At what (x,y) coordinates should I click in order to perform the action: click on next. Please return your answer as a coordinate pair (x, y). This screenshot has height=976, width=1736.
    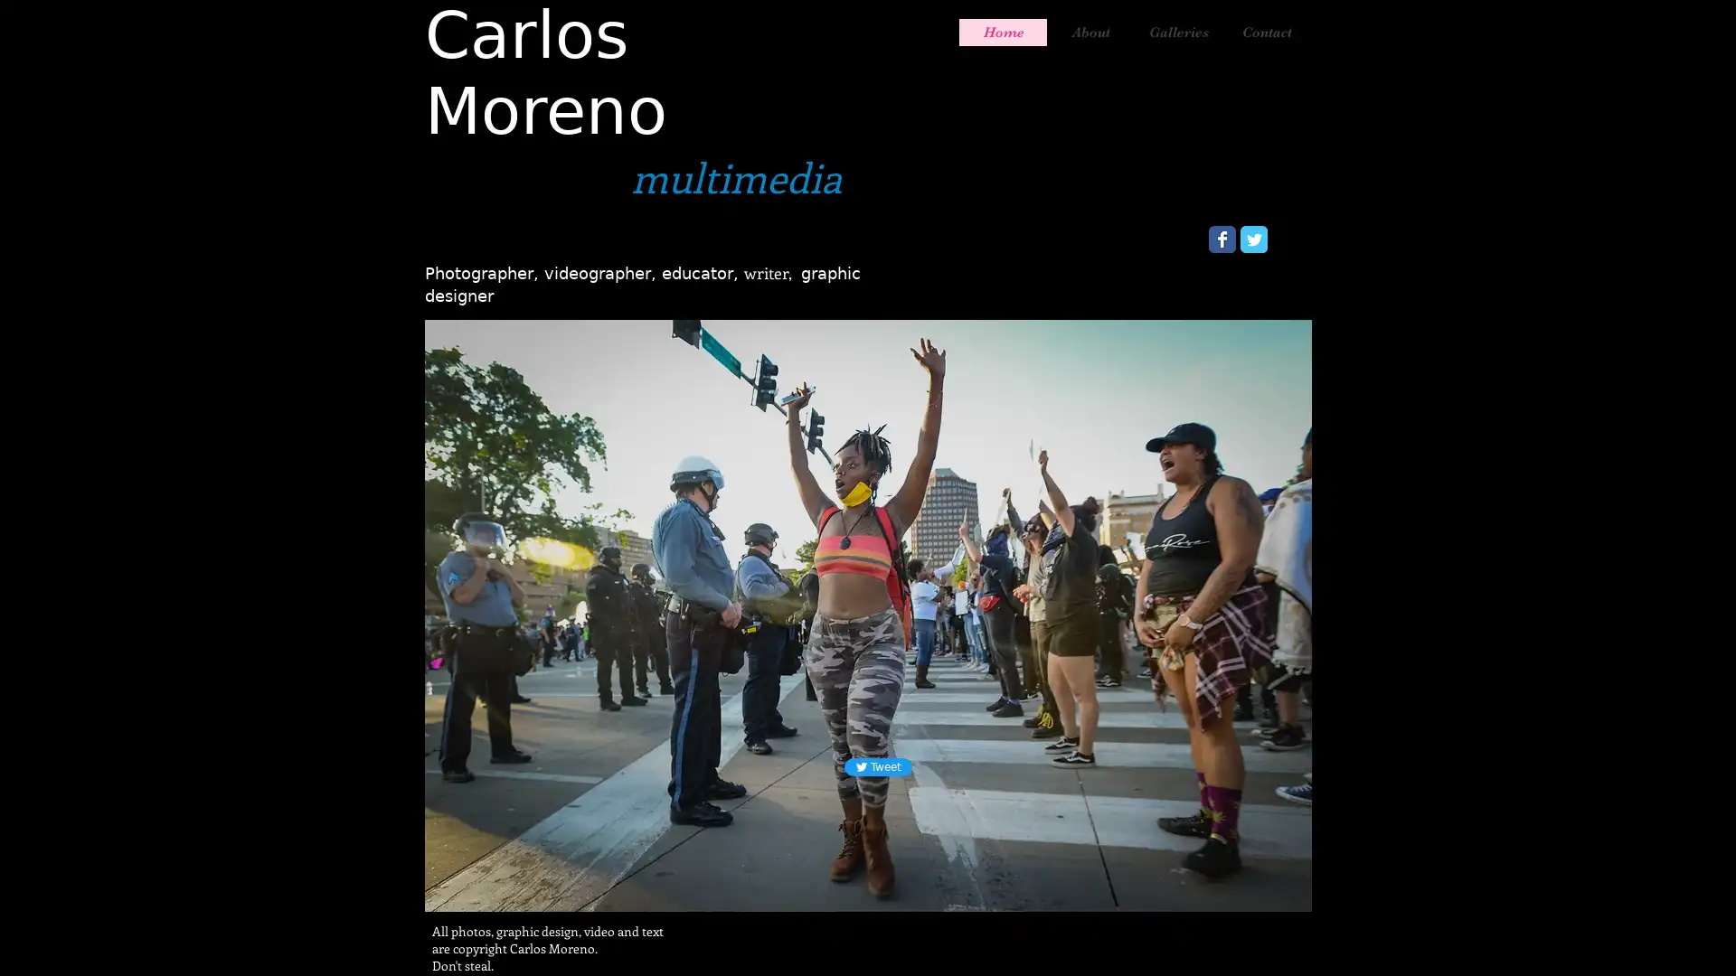
    Looking at the image, I should click on (1272, 612).